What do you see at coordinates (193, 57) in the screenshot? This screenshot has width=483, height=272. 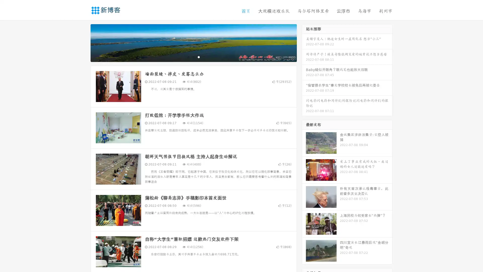 I see `Go to slide 2` at bounding box center [193, 57].